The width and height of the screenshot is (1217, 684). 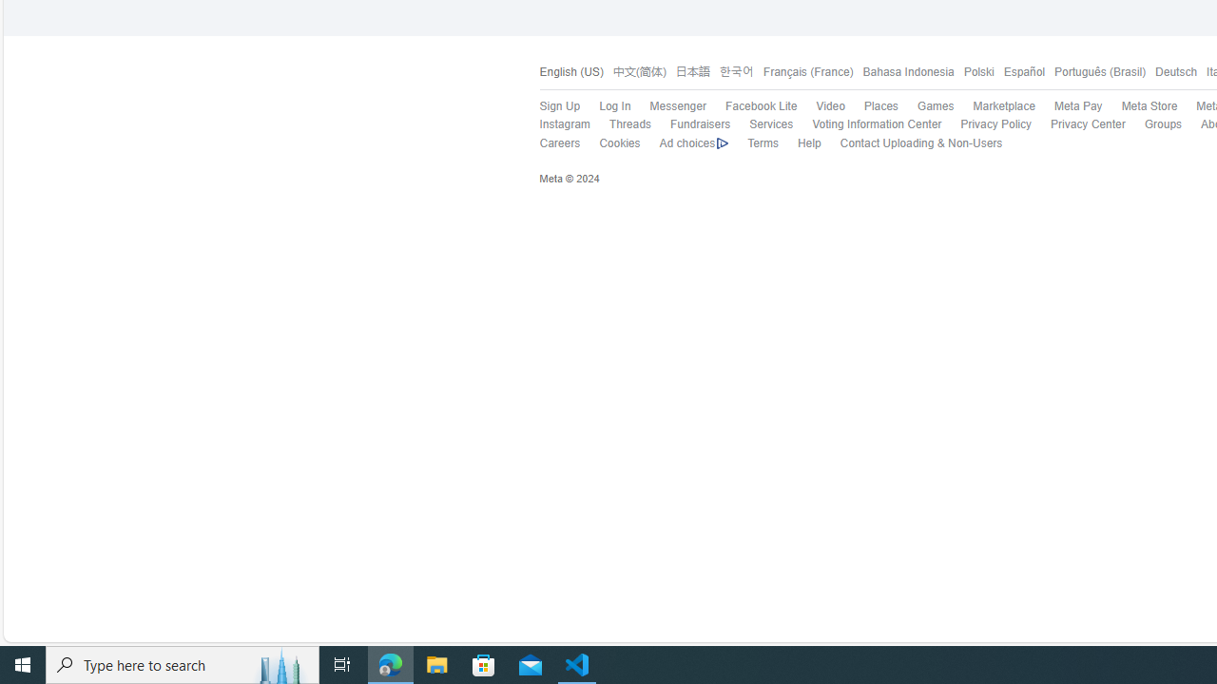 What do you see at coordinates (926, 107) in the screenshot?
I see `'Games'` at bounding box center [926, 107].